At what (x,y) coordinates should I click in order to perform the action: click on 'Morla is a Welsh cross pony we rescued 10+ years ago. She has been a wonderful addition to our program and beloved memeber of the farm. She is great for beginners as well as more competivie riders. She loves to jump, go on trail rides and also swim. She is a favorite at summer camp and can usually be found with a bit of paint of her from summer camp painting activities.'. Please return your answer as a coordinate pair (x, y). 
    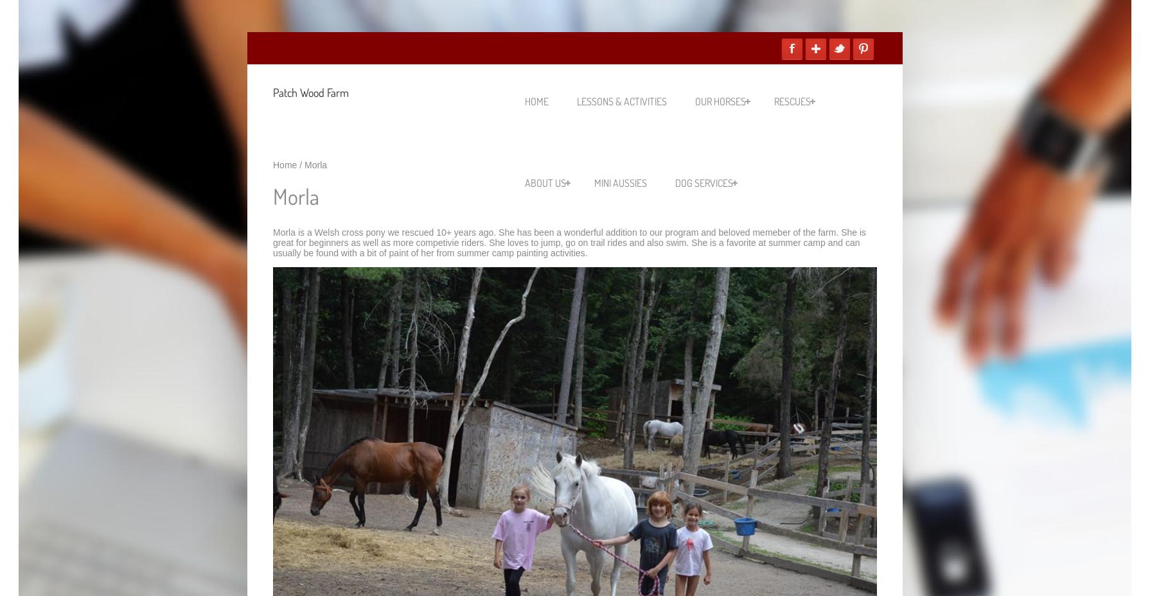
    Looking at the image, I should click on (569, 241).